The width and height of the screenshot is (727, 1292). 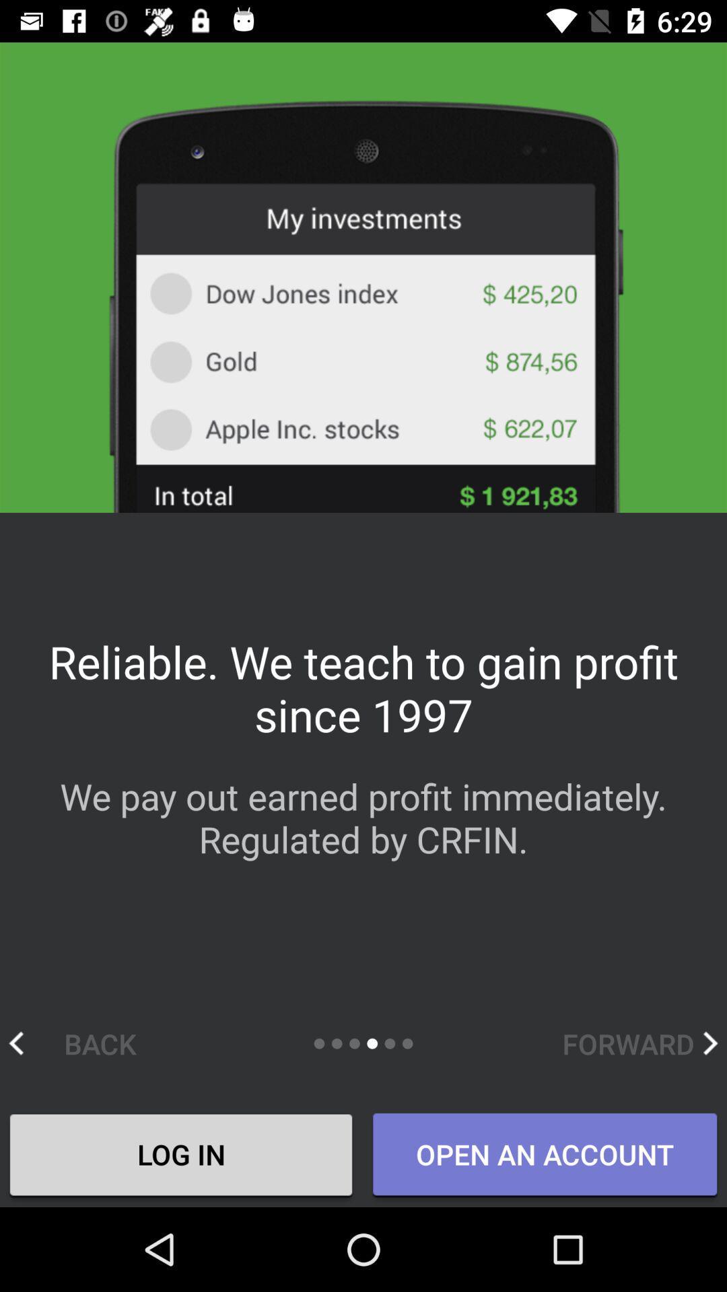 What do you see at coordinates (639, 1042) in the screenshot?
I see `icon below the we pay out` at bounding box center [639, 1042].